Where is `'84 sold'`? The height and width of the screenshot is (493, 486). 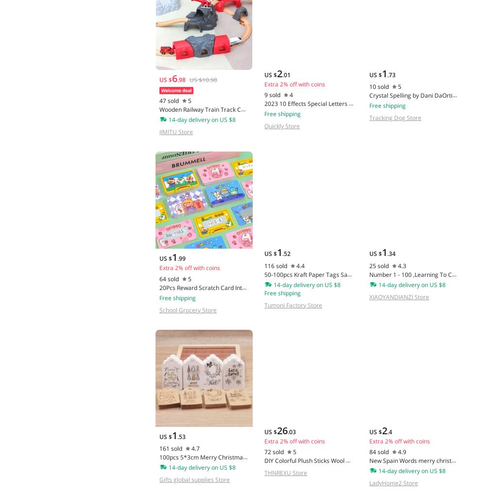
'84 sold' is located at coordinates (379, 451).